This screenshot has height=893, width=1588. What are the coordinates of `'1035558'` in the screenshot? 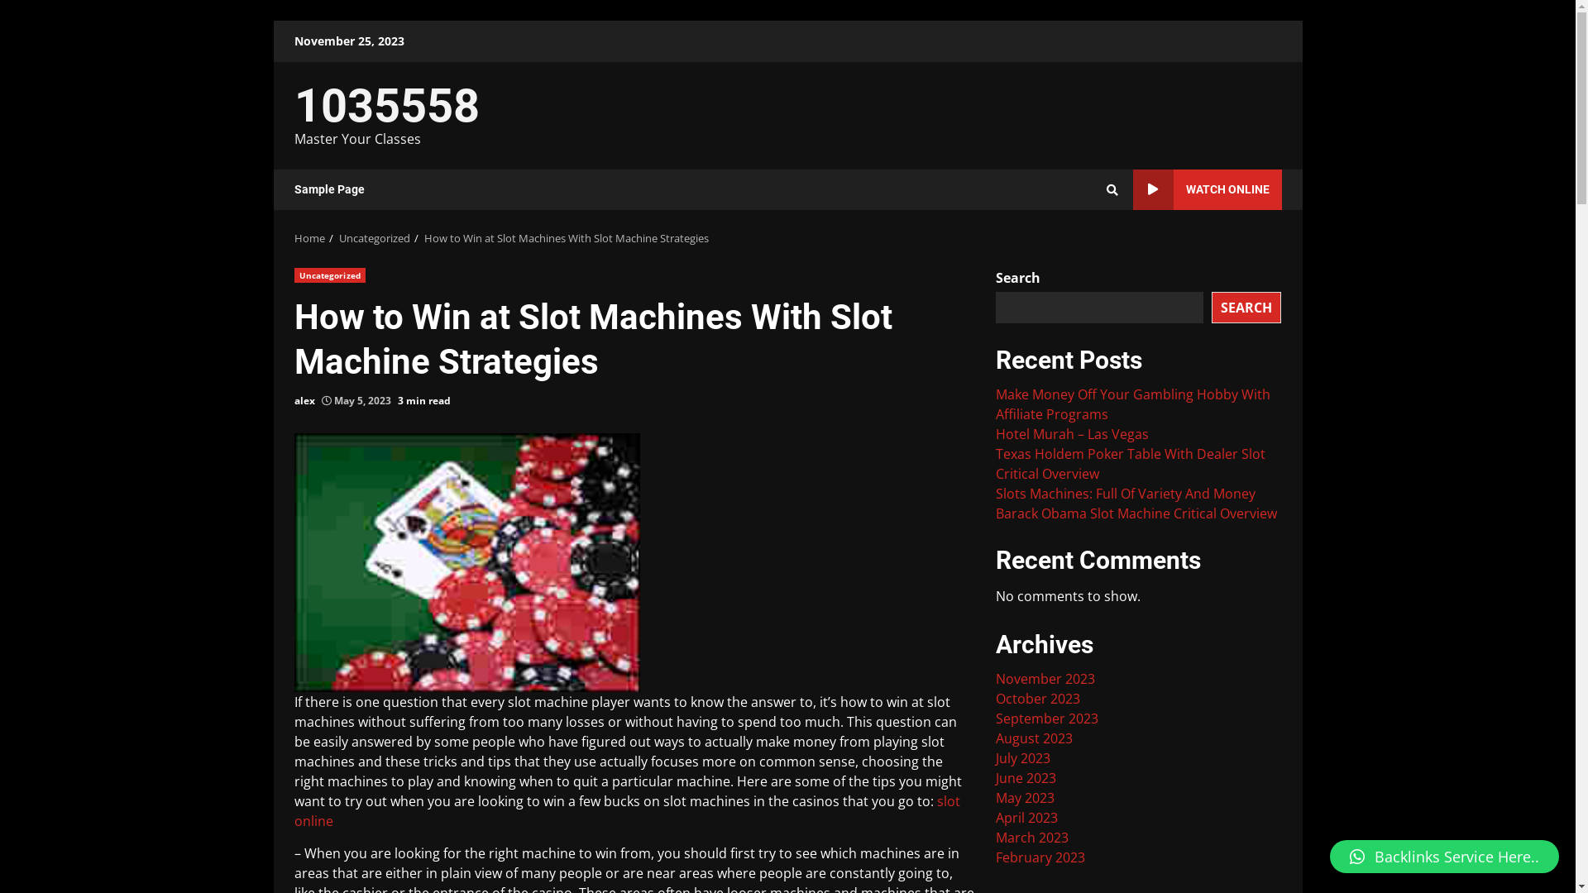 It's located at (385, 105).